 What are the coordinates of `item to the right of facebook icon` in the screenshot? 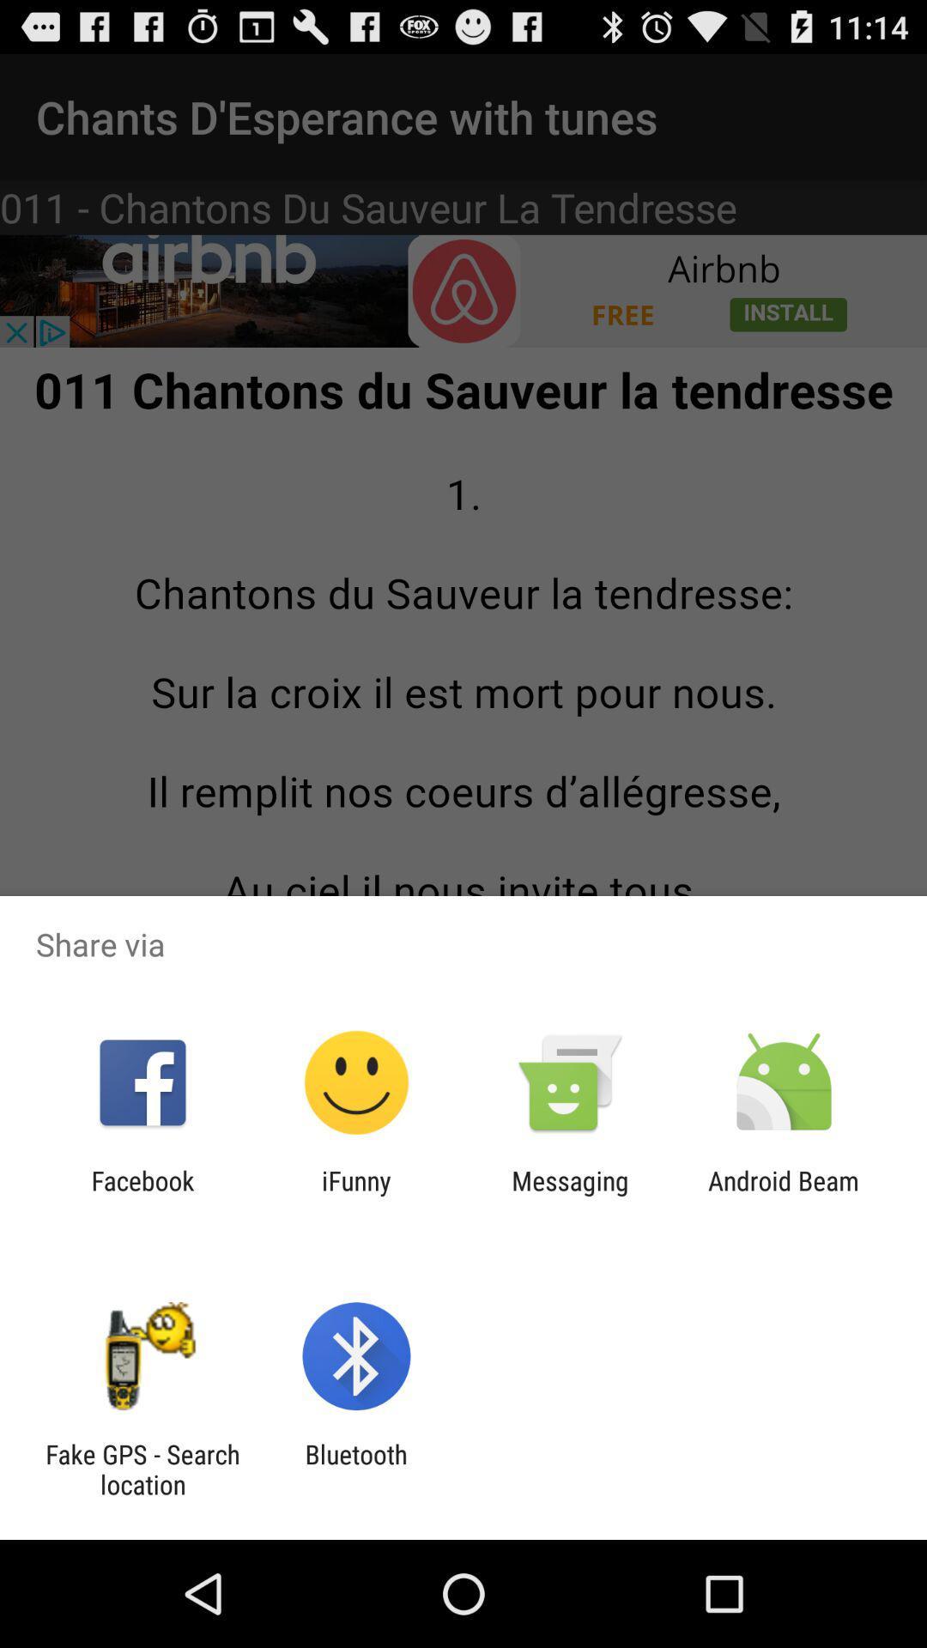 It's located at (355, 1195).